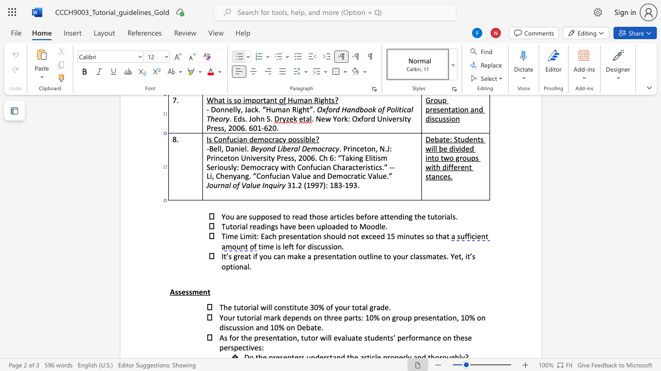  Describe the element at coordinates (258, 236) in the screenshot. I see `the 1th character ":" in the text` at that location.